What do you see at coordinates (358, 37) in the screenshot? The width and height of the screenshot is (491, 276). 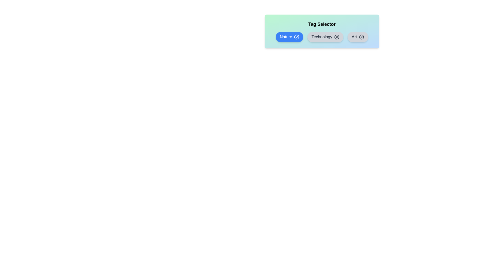 I see `the tag labeled Art` at bounding box center [358, 37].